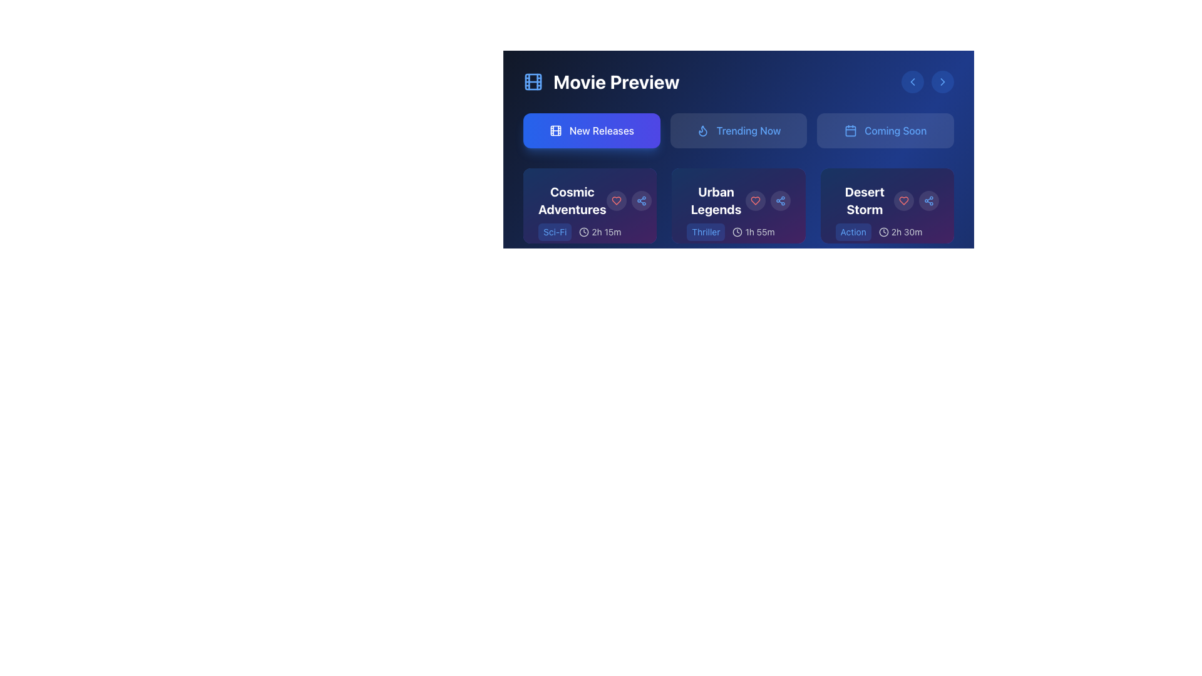 Image resolution: width=1202 pixels, height=676 pixels. What do you see at coordinates (554, 232) in the screenshot?
I see `the genre label for the movie 'Cosmic Adventures' to filter or view similar genres, located between the title and duration in the first movie card` at bounding box center [554, 232].